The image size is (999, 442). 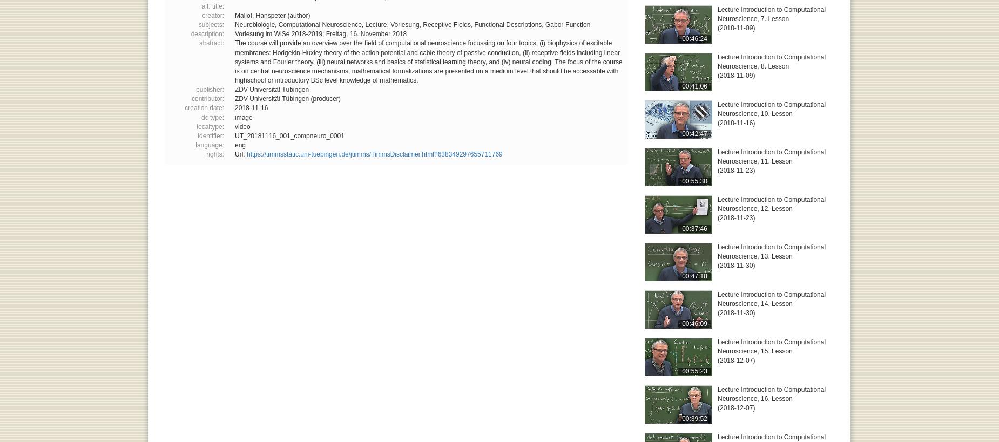 I want to click on 'UT_20181116_001_compneuro_0001', so click(x=289, y=135).